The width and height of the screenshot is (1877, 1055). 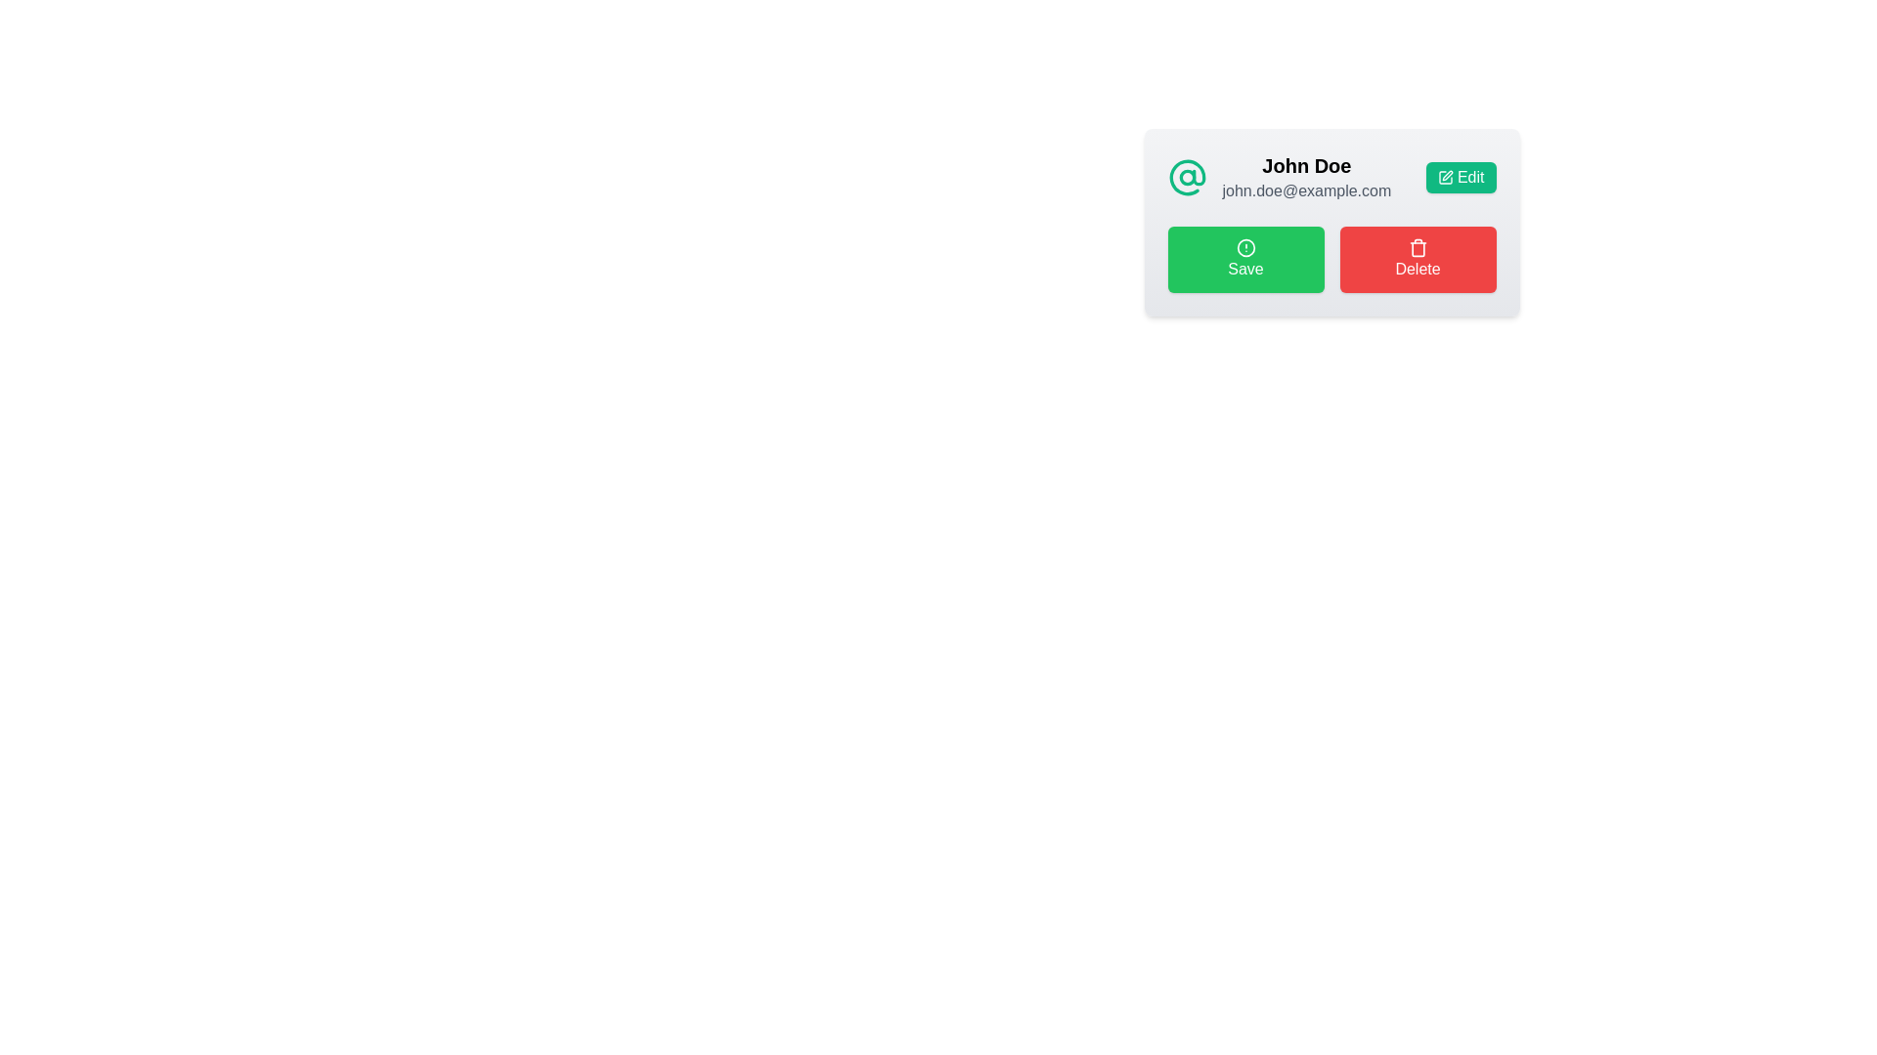 I want to click on the 'Edit' button with a vibrant green background and a pen icon to initiate the edit action, so click(x=1460, y=177).